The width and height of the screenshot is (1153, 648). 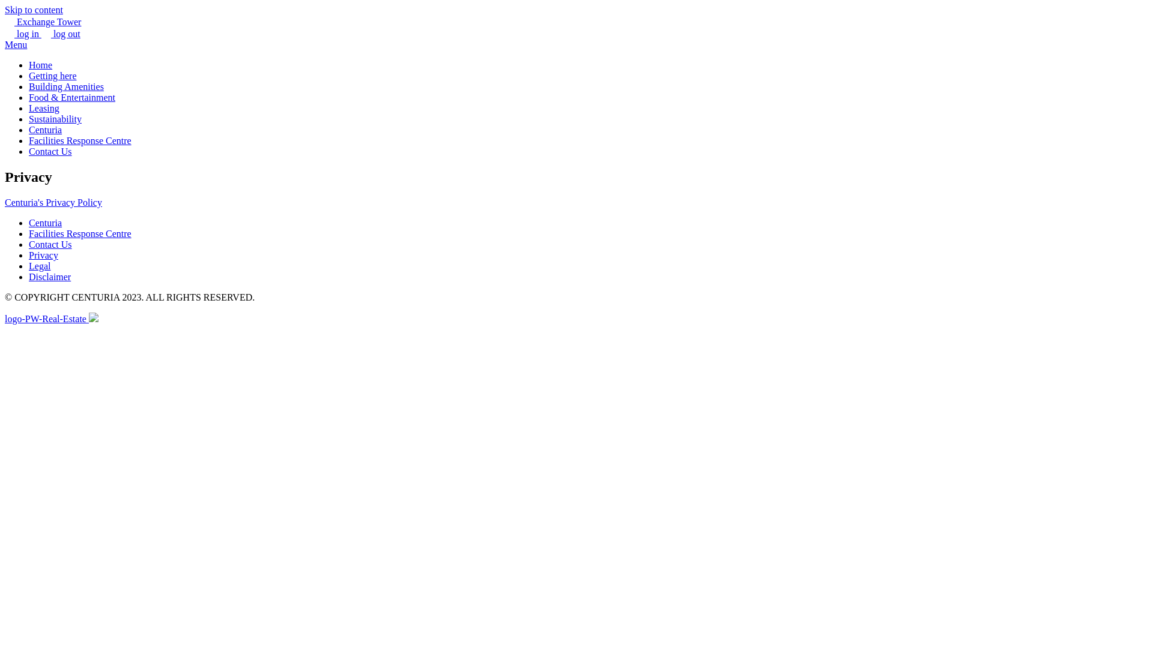 I want to click on 'Skip to content', so click(x=34, y=10).